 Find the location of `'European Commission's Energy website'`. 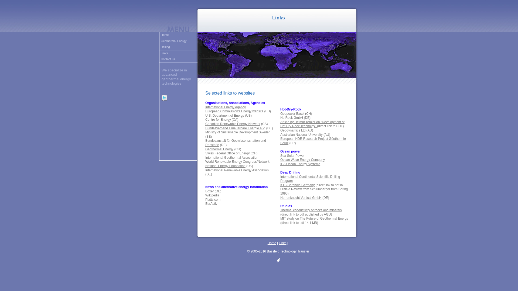

'European Commission's Energy website' is located at coordinates (205, 111).